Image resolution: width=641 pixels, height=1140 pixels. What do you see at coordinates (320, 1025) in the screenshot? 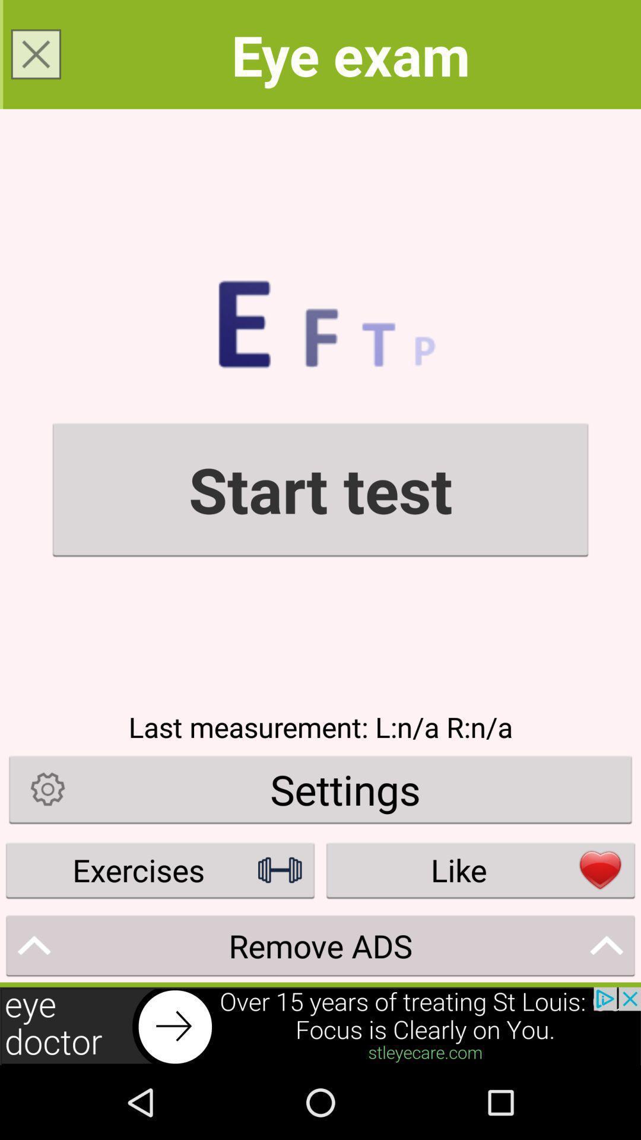
I see `information about eye doctor` at bounding box center [320, 1025].